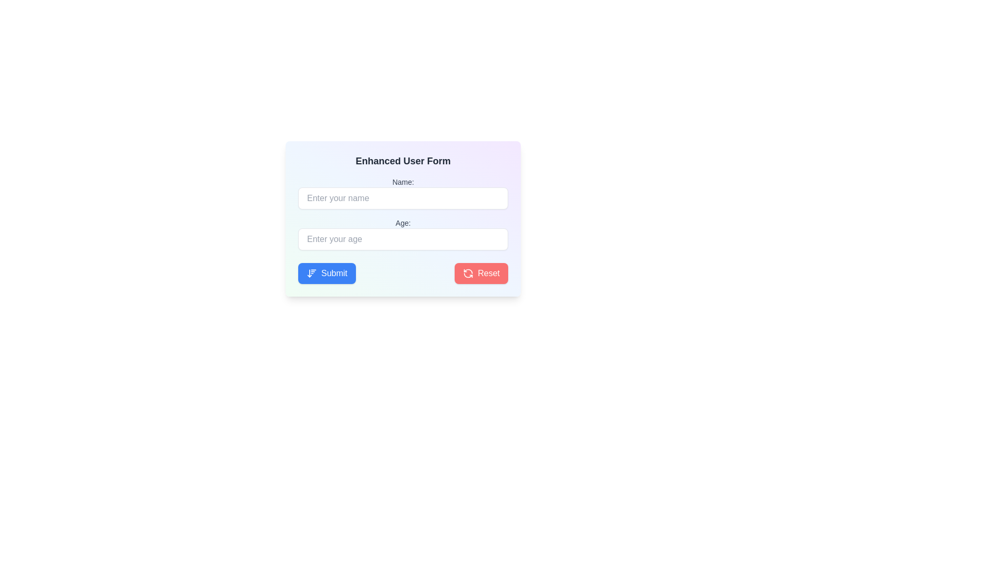  Describe the element at coordinates (468, 272) in the screenshot. I see `the reset icon located on the 'Reset' button, which is positioned towards the lower-right of the form interface beside the 'Submit' button` at that location.